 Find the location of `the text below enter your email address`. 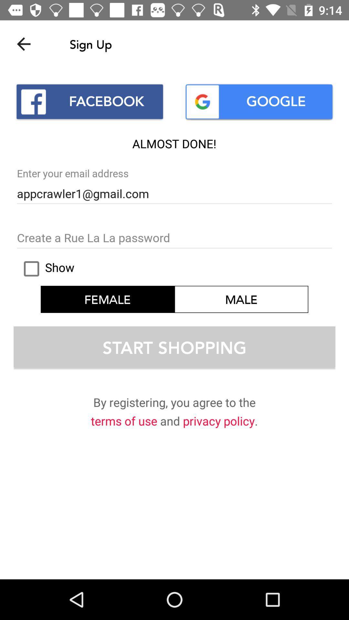

the text below enter your email address is located at coordinates (174, 193).